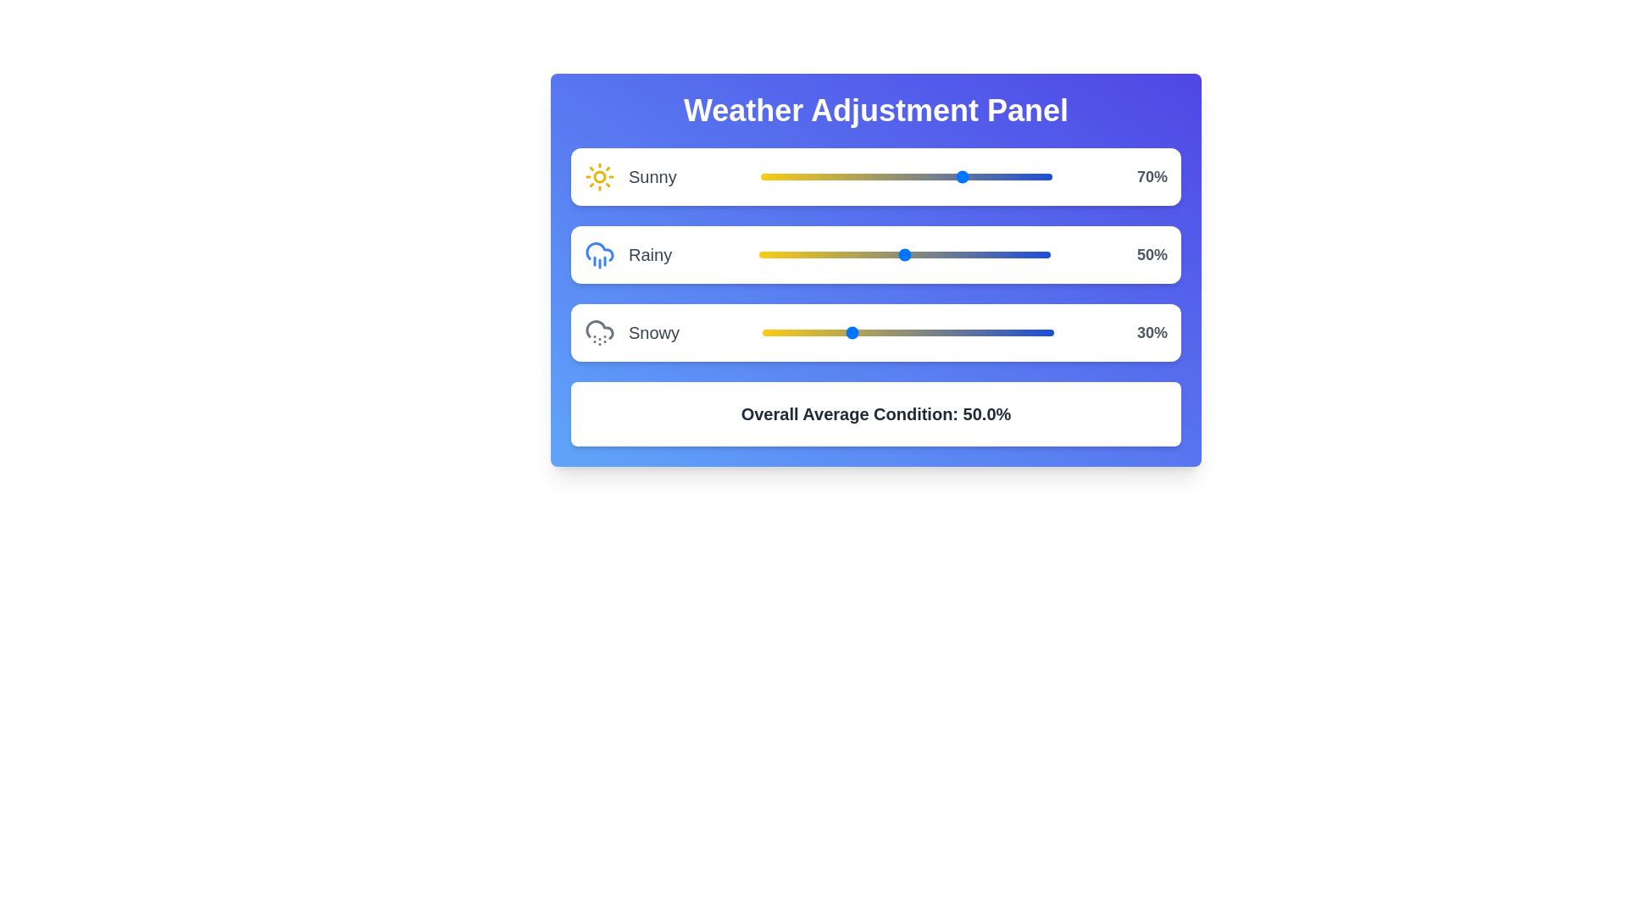 Image resolution: width=1627 pixels, height=915 pixels. What do you see at coordinates (958, 333) in the screenshot?
I see `the value of the slider` at bounding box center [958, 333].